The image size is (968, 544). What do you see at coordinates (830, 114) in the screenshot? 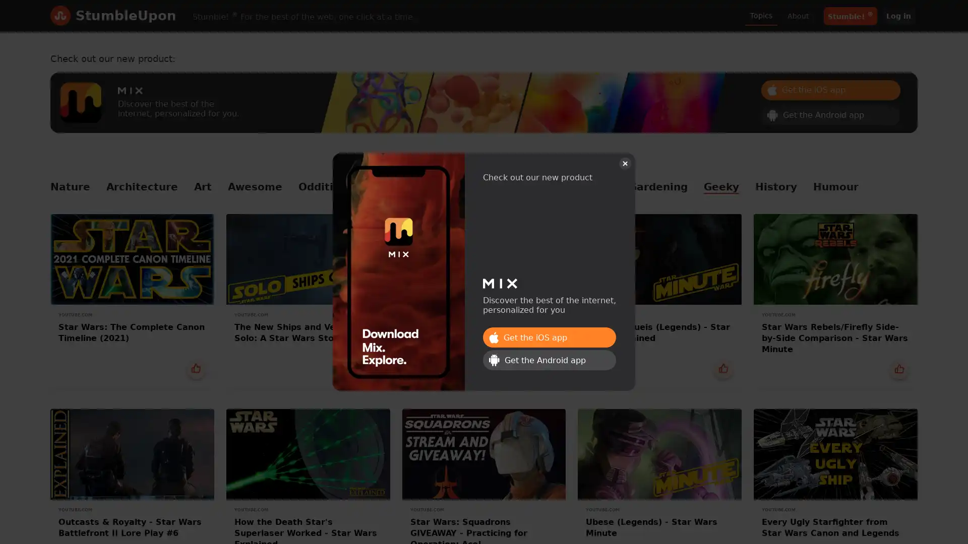
I see `Header Image 1 Get the Android app` at bounding box center [830, 114].